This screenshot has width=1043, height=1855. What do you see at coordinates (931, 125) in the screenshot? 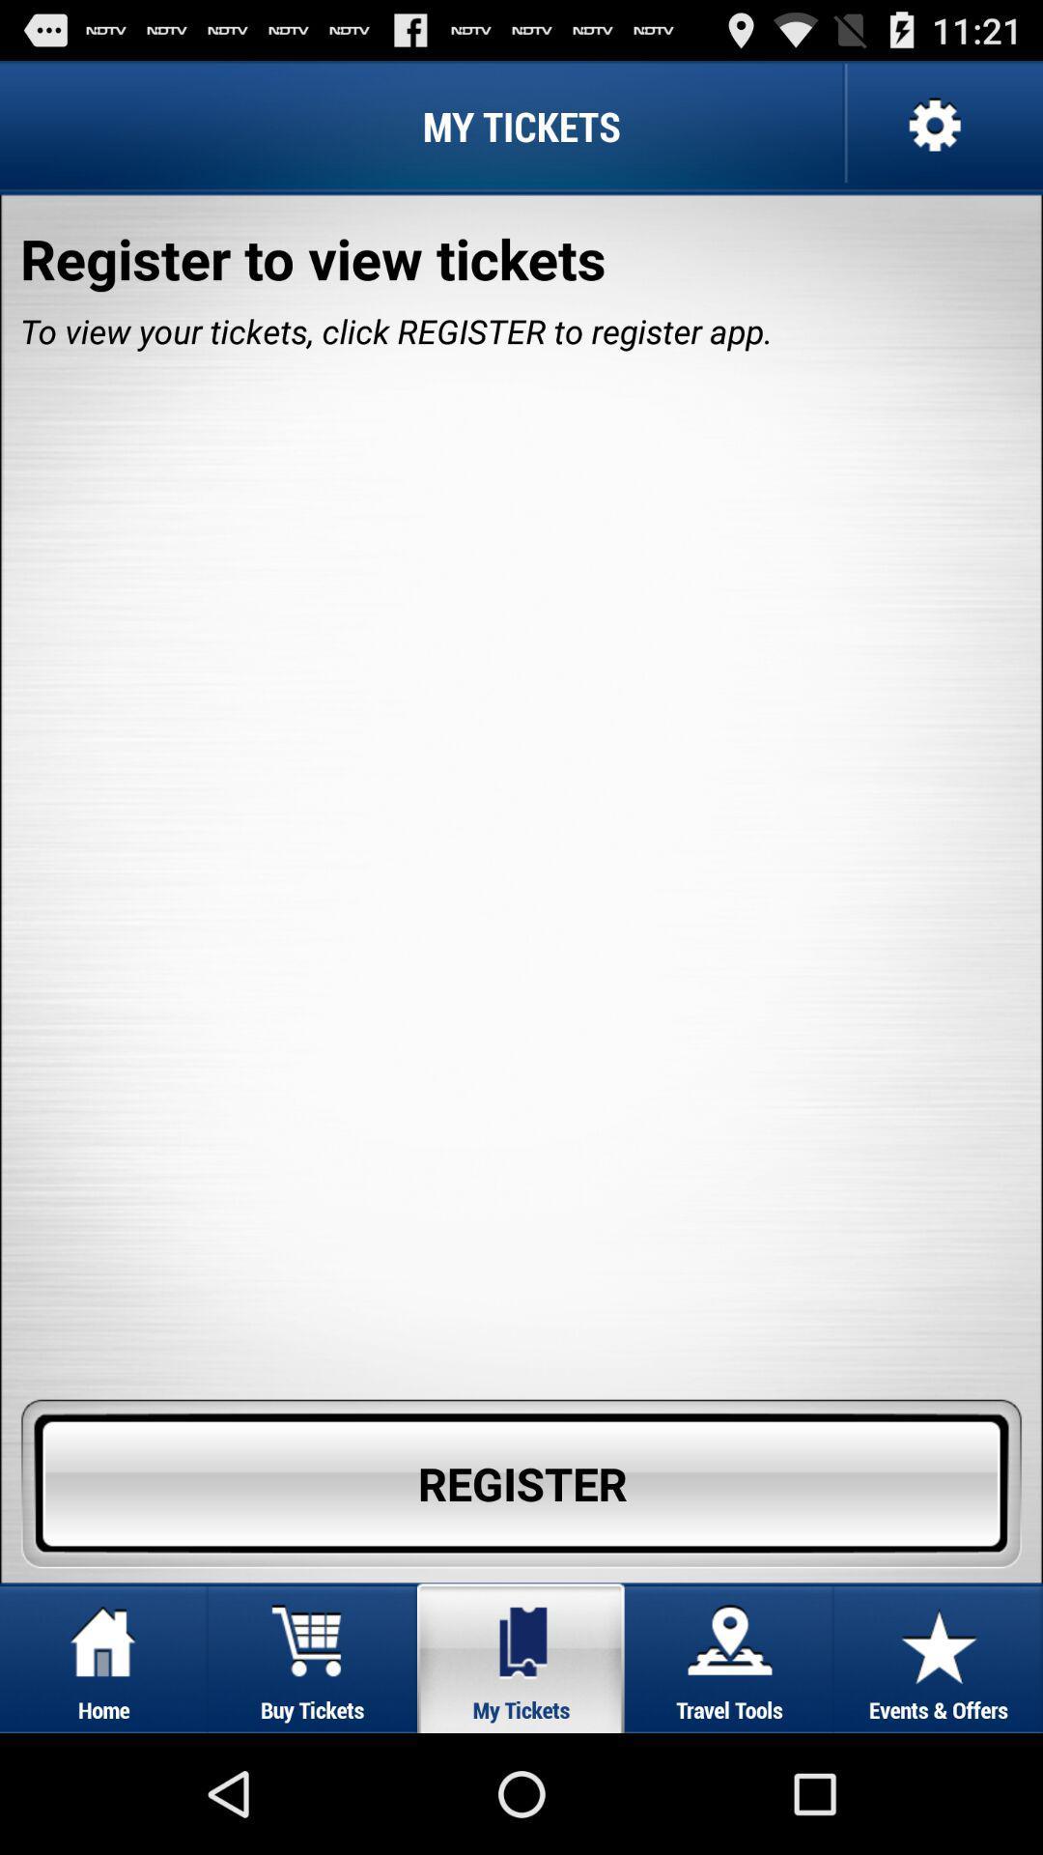
I see `icon next to the my tickets` at bounding box center [931, 125].